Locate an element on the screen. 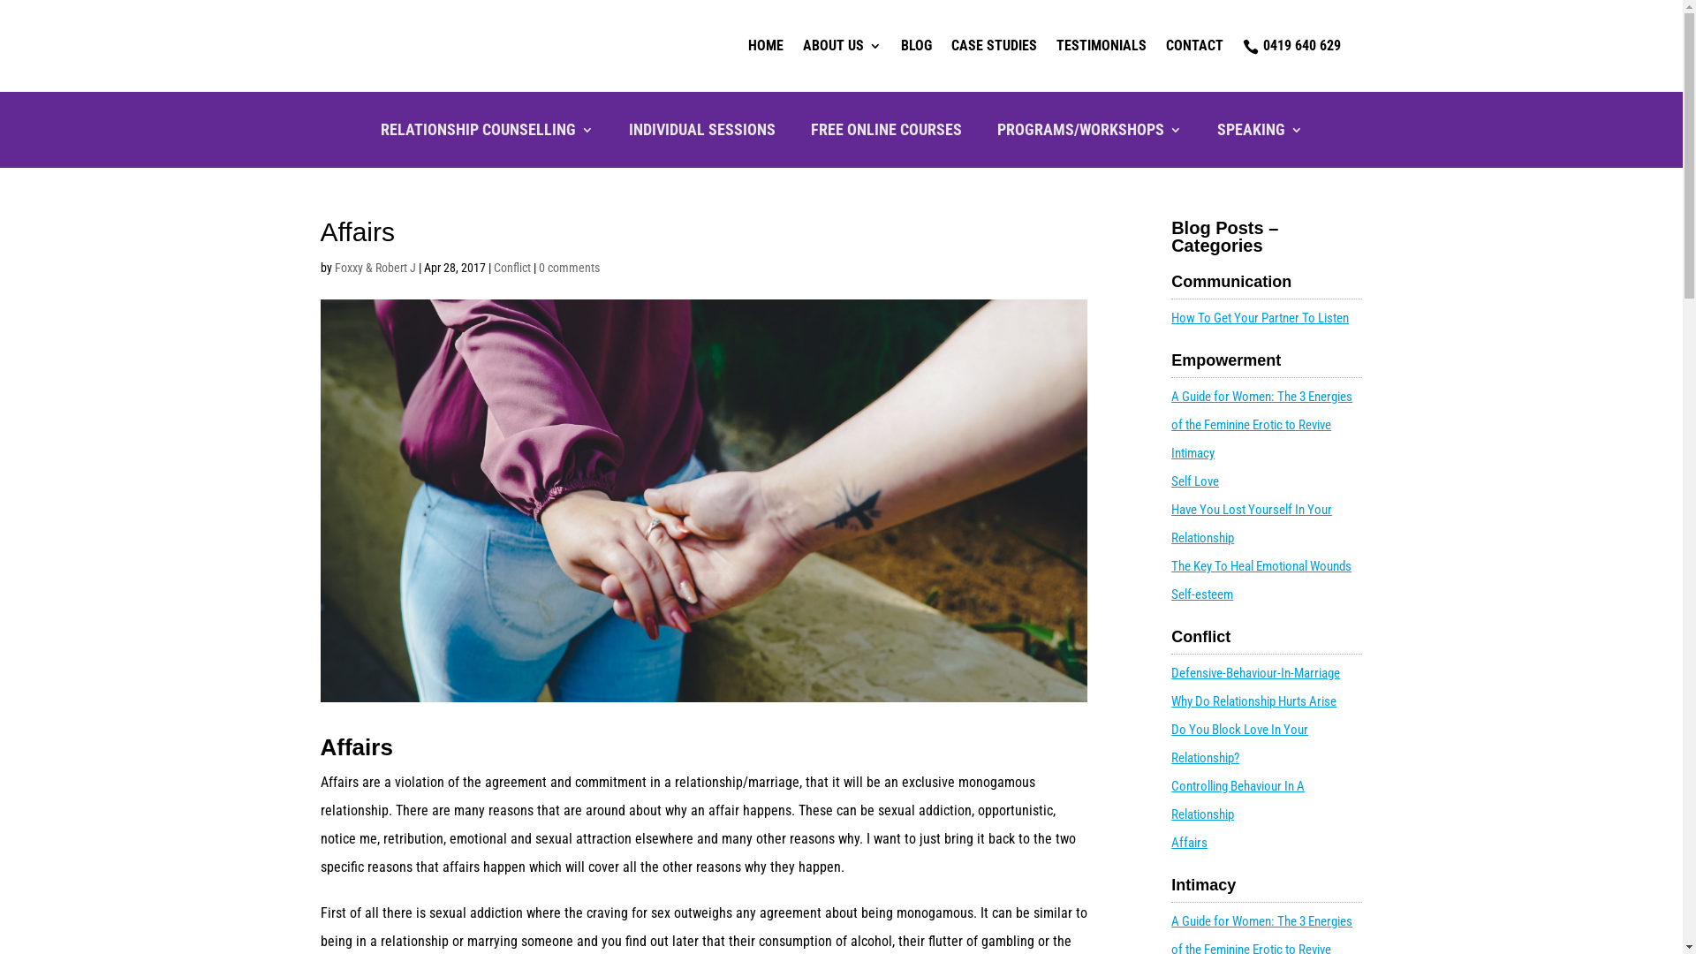 Image resolution: width=1696 pixels, height=954 pixels. 'BLOG' is located at coordinates (900, 44).